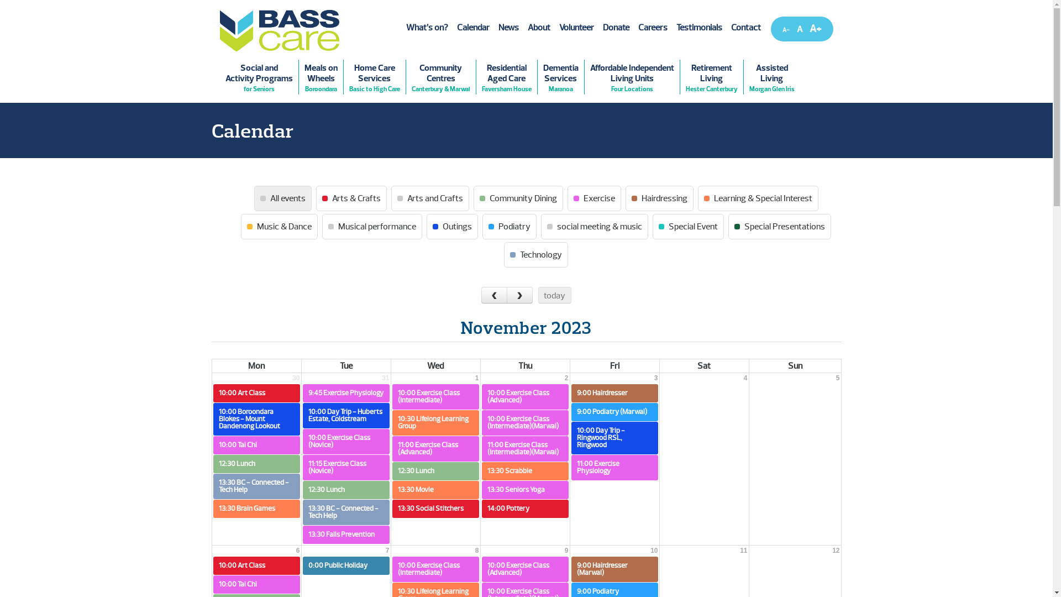 Image resolution: width=1061 pixels, height=597 pixels. I want to click on 'Assisted, so click(771, 76).